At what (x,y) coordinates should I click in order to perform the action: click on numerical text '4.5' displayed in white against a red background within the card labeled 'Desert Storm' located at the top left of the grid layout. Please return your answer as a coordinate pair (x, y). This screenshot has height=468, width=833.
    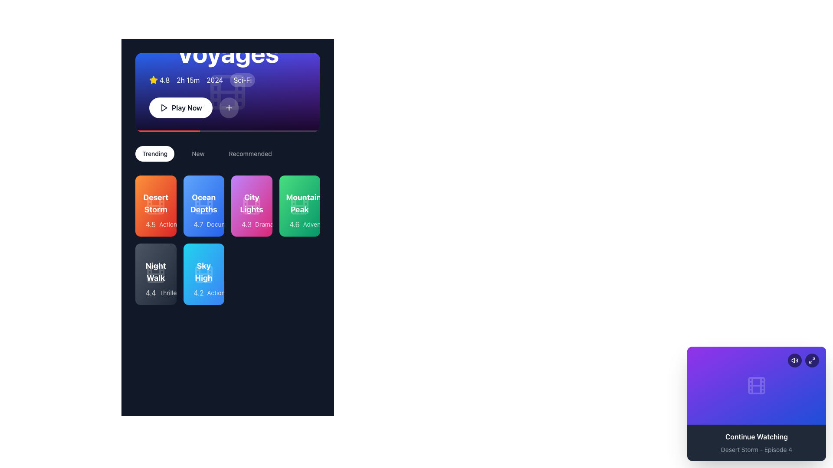
    Looking at the image, I should click on (151, 224).